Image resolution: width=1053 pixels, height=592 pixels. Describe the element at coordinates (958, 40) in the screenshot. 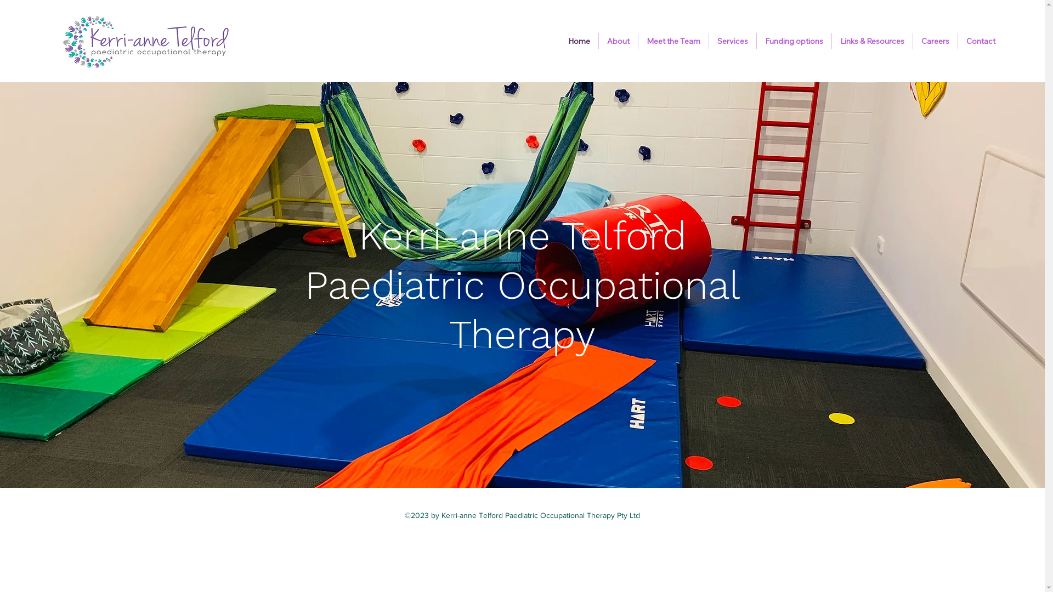

I see `'Contact'` at that location.